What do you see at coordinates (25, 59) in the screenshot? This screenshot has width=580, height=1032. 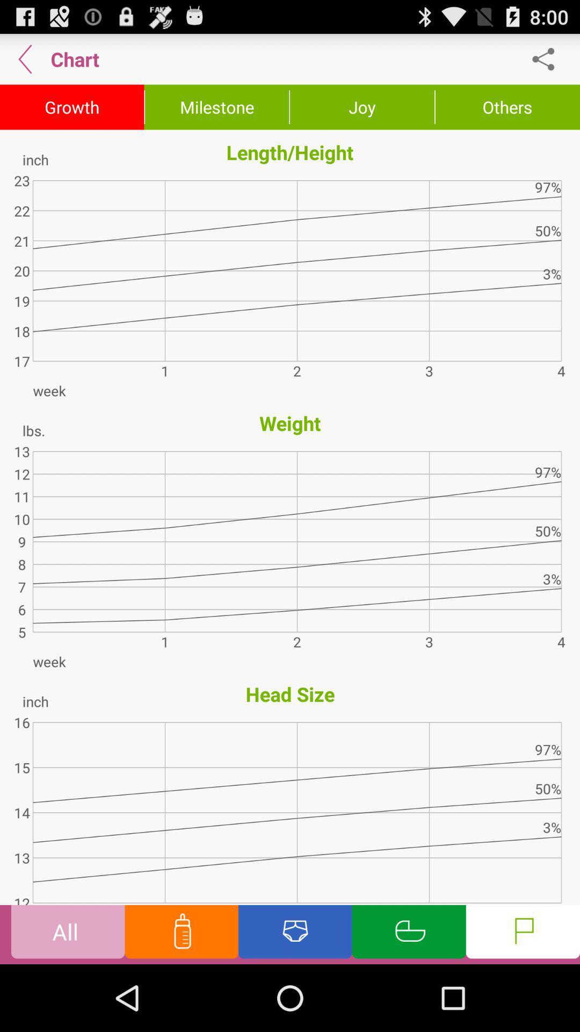 I see `icon to the left of the chart` at bounding box center [25, 59].